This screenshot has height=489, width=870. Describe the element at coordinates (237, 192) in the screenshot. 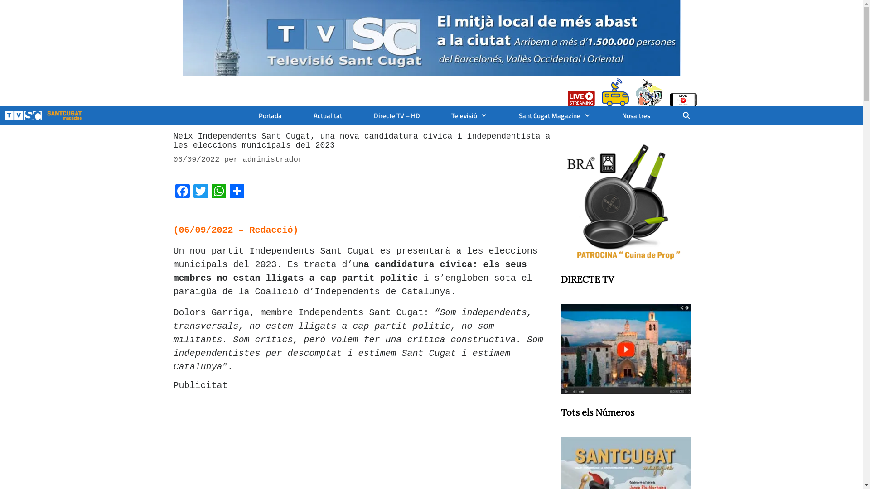

I see `'Comparteix'` at that location.